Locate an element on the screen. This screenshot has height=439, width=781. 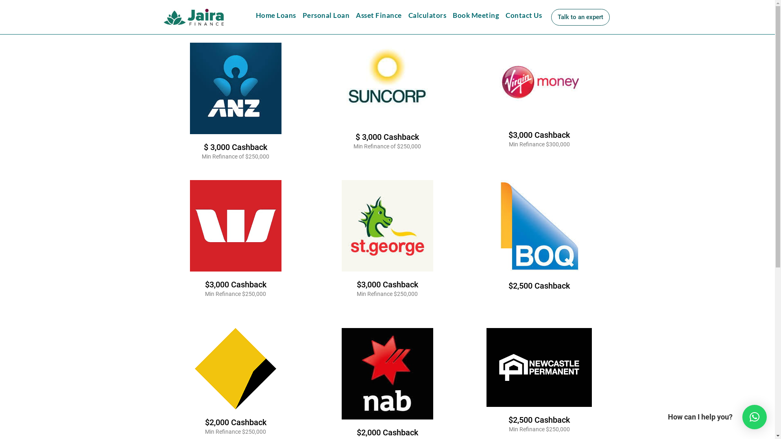
'Personal Loan' is located at coordinates (326, 15).